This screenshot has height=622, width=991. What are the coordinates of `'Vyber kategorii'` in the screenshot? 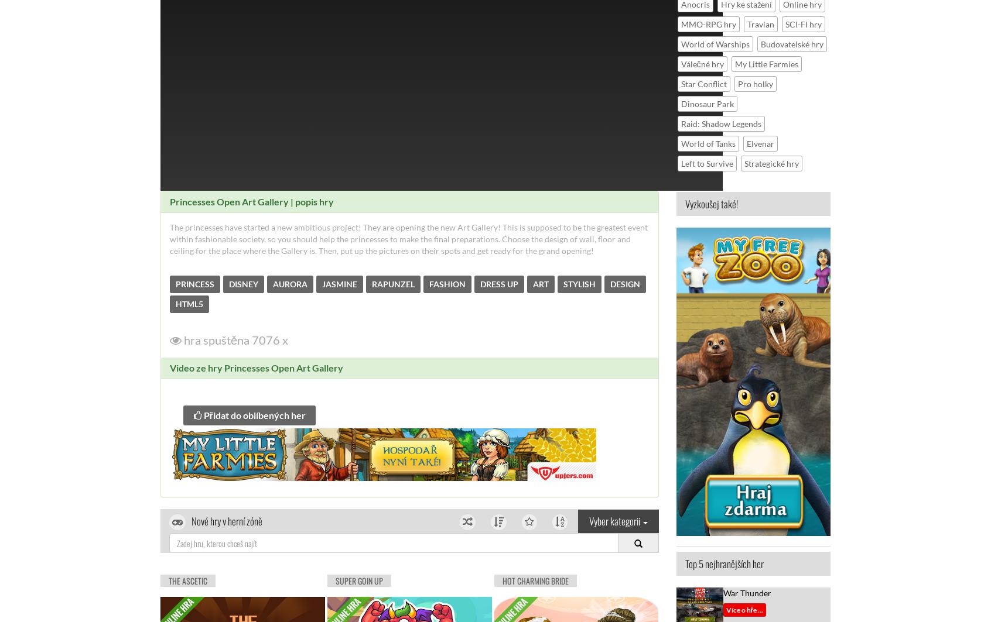 It's located at (614, 520).